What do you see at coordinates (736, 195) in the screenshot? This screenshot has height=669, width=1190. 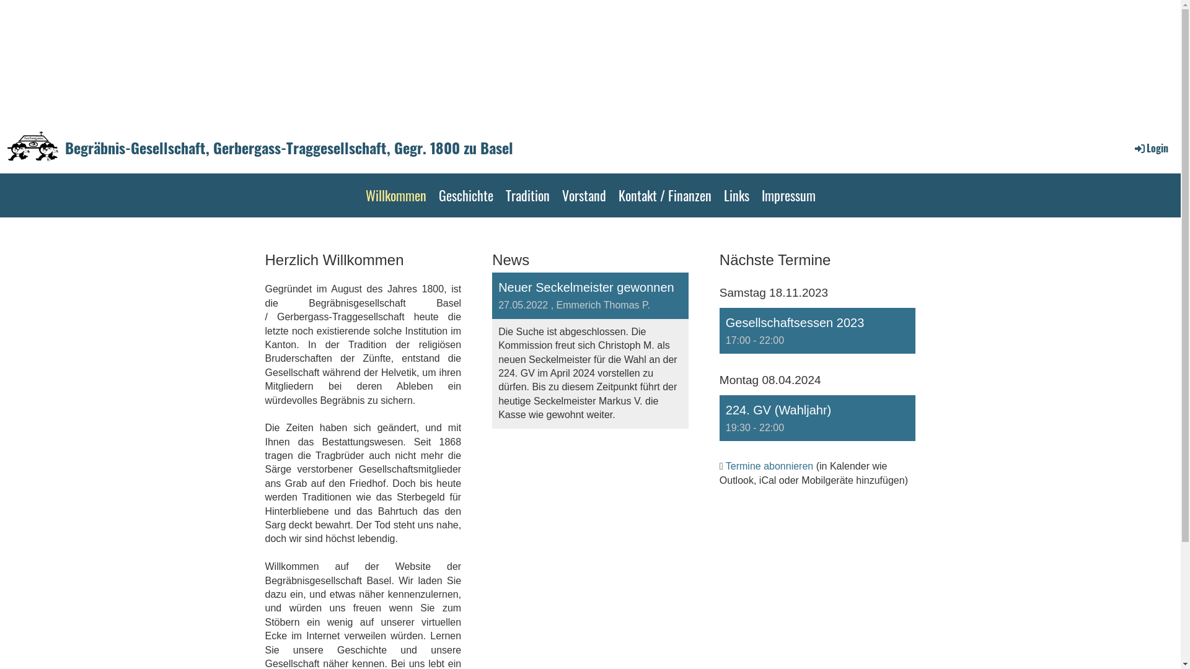 I see `'Links'` at bounding box center [736, 195].